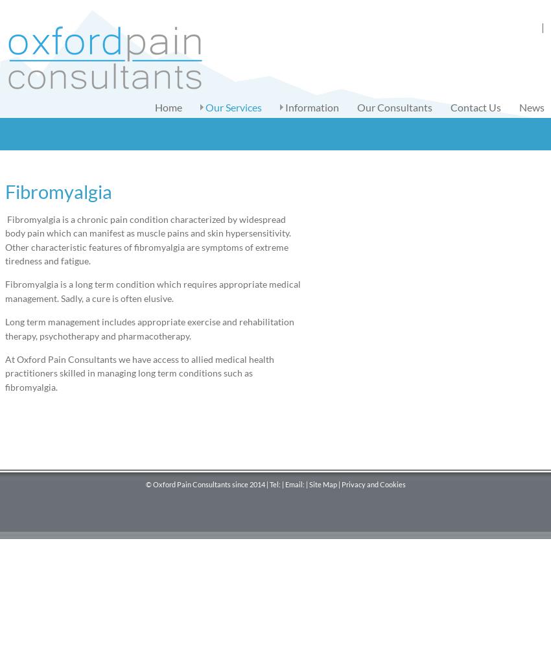 This screenshot has width=551, height=648. I want to click on 'Our Consultants', so click(394, 107).